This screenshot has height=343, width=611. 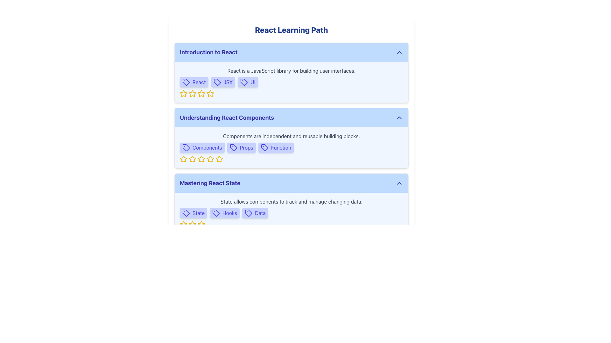 What do you see at coordinates (192, 159) in the screenshot?
I see `the third yellow star icon with a hollow center in the rating system located in the second section labeled 'Understanding React Components' to rate it` at bounding box center [192, 159].